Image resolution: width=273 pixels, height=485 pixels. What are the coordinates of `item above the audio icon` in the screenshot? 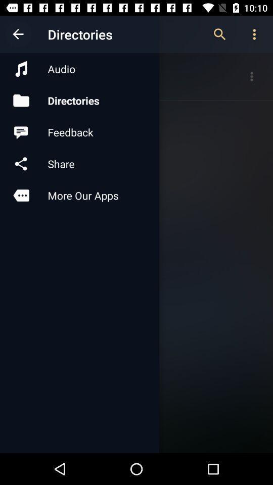 It's located at (18, 34).